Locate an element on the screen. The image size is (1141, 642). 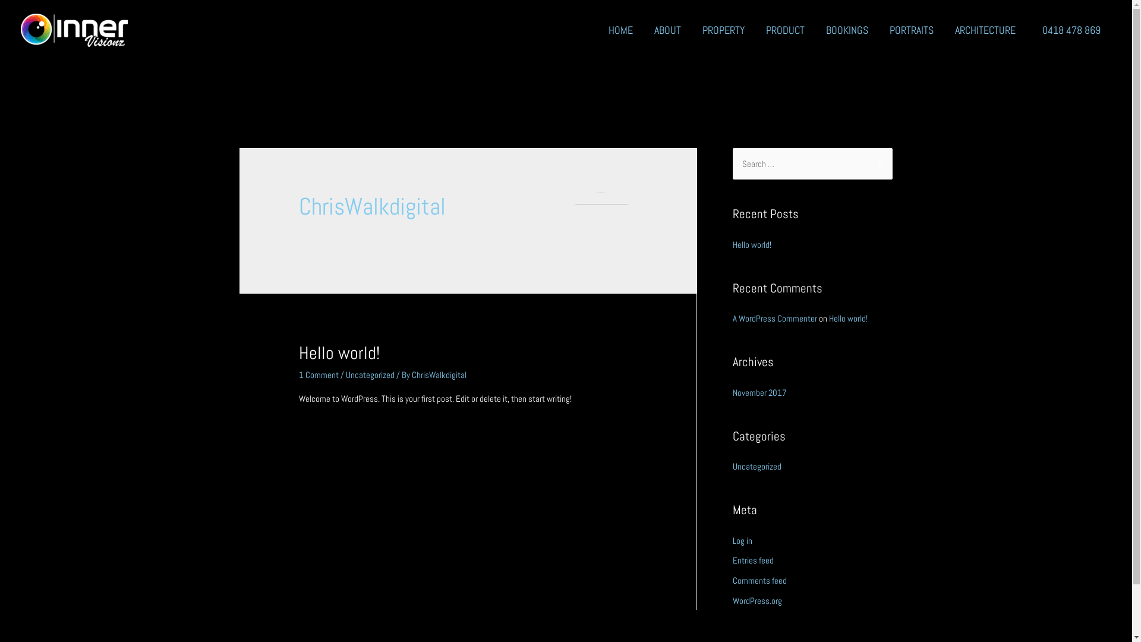
'A WordPress Commenter' is located at coordinates (774, 317).